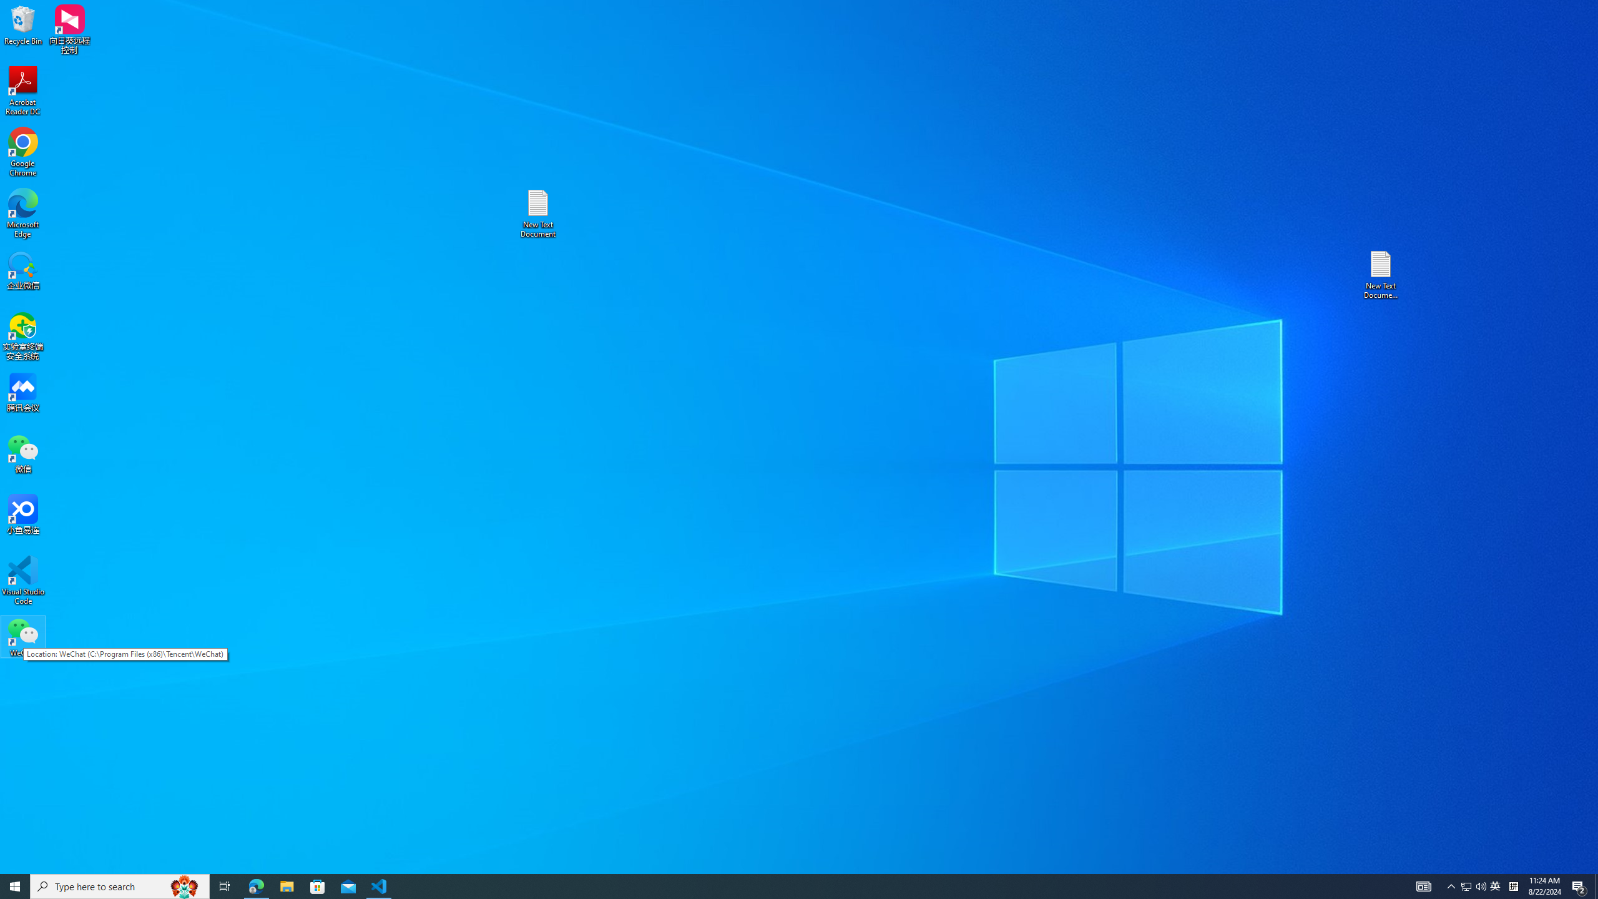 This screenshot has height=899, width=1598. I want to click on 'Search highlights icon opens search home window', so click(184, 885).